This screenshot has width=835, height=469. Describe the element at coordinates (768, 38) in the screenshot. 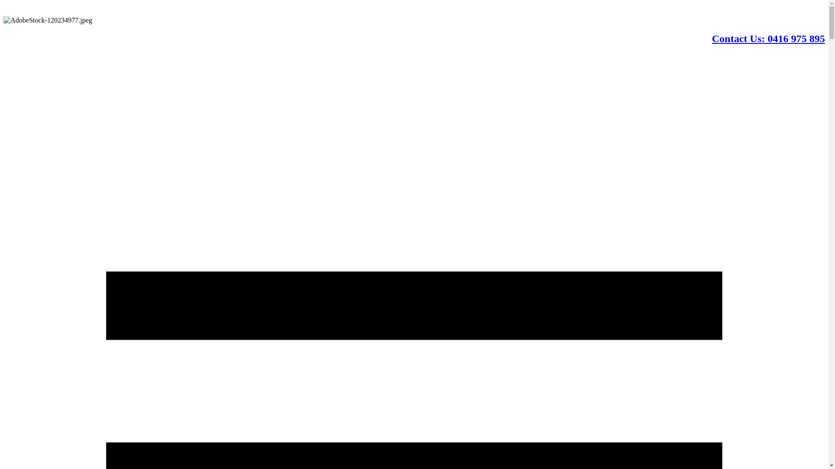

I see `'Contact Us: 0416 975 895'` at that location.